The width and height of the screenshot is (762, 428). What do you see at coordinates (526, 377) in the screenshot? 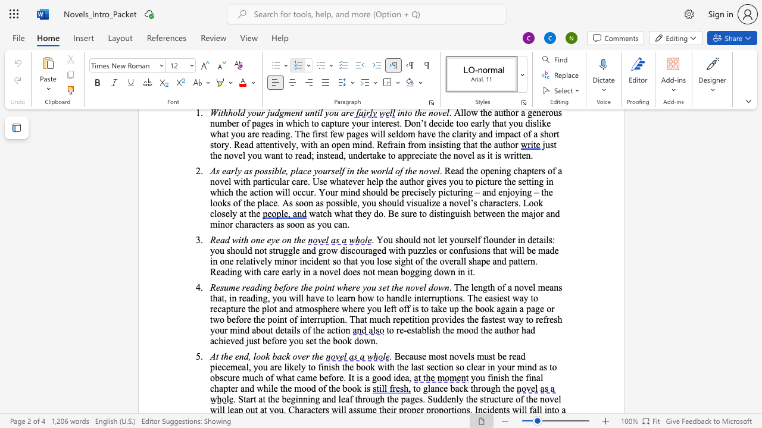
I see `the 1th character "f" in the text` at bounding box center [526, 377].